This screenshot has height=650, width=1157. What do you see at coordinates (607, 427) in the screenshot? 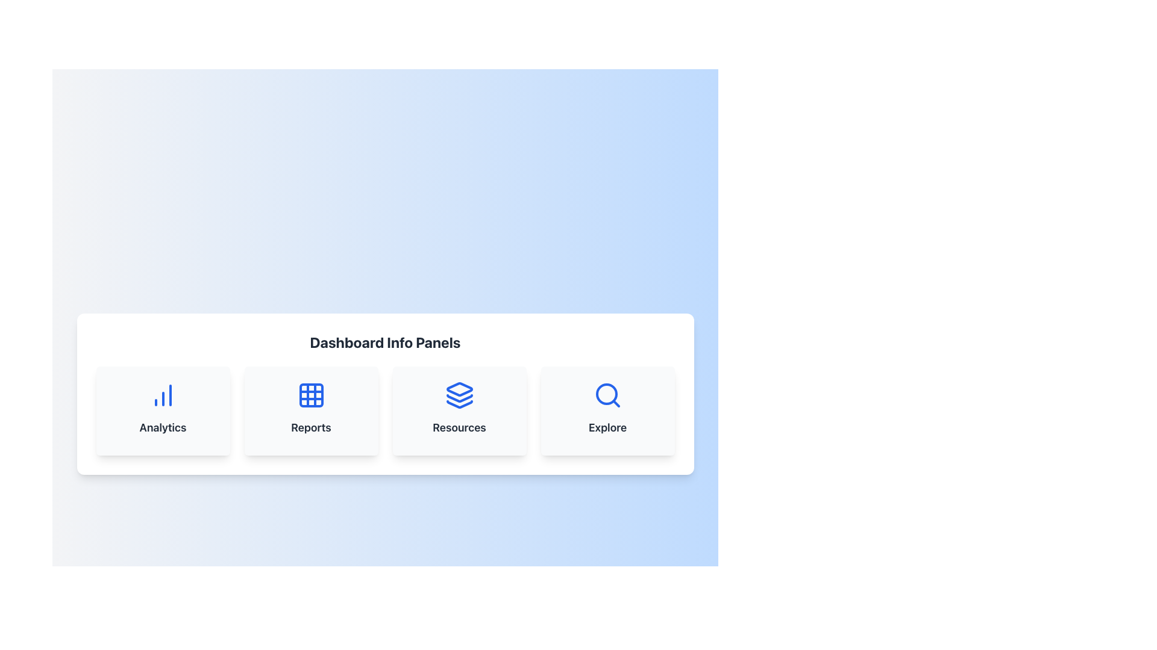
I see `content 'Explore' from the text label located at the bottom center of the fourth card in a horizontally arranged group of similar cards` at bounding box center [607, 427].